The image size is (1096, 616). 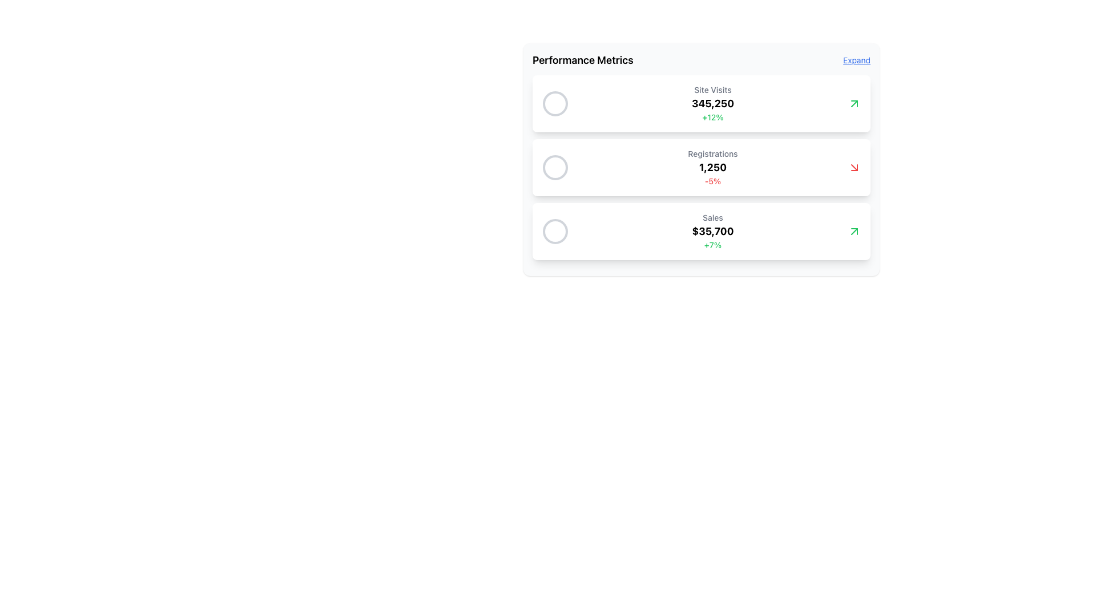 I want to click on the Statistical Display Block that displays the text 'Registrations', the bolded number '1,250', and the small red text '-5%', which is the second card in the vertical series of cards, so click(x=712, y=167).